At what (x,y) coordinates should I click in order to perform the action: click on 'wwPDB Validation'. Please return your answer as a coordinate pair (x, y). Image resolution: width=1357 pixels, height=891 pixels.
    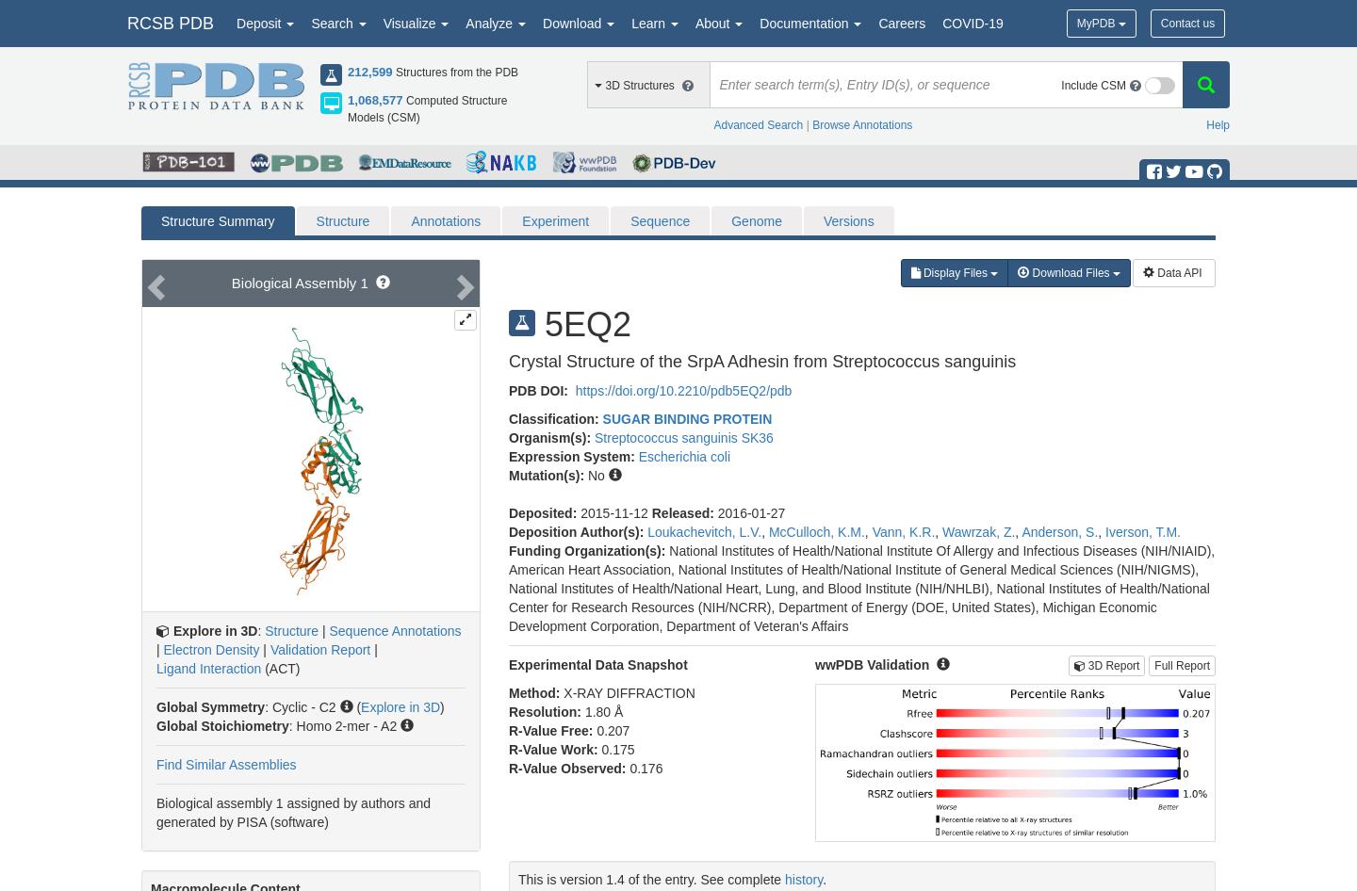
    Looking at the image, I should click on (872, 663).